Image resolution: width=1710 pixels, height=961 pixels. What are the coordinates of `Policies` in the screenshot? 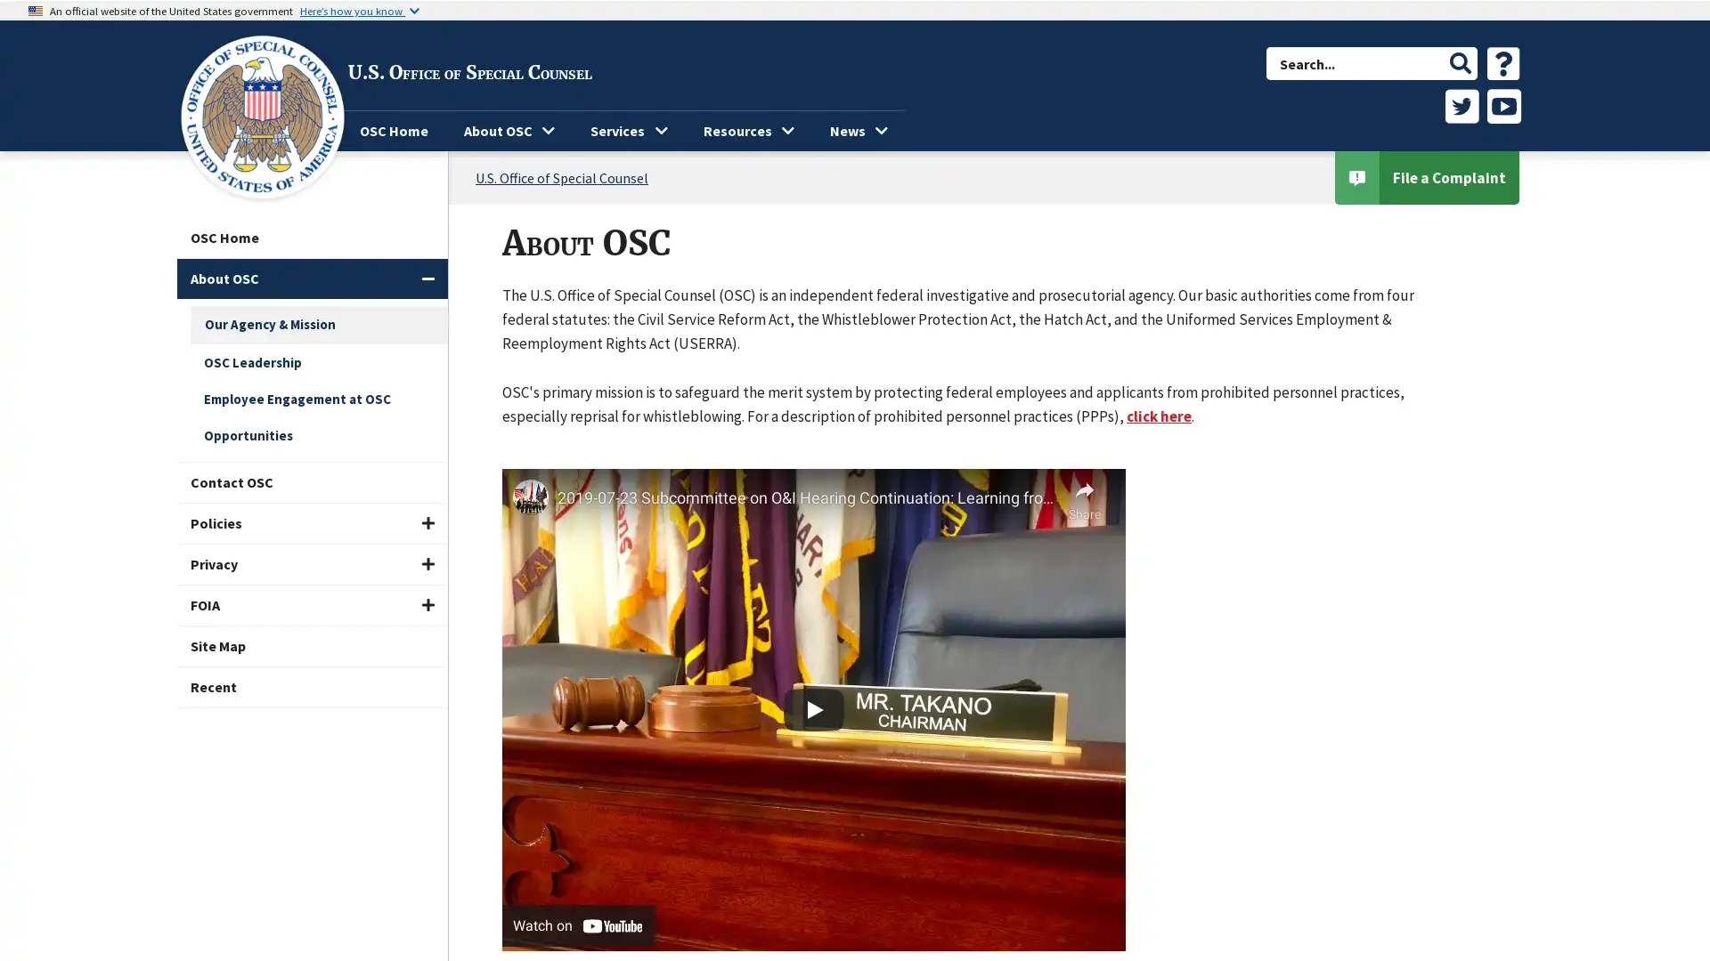 It's located at (312, 522).